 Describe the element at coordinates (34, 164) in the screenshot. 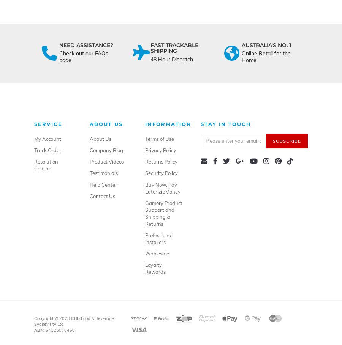

I see `'Resolution Centre'` at that location.